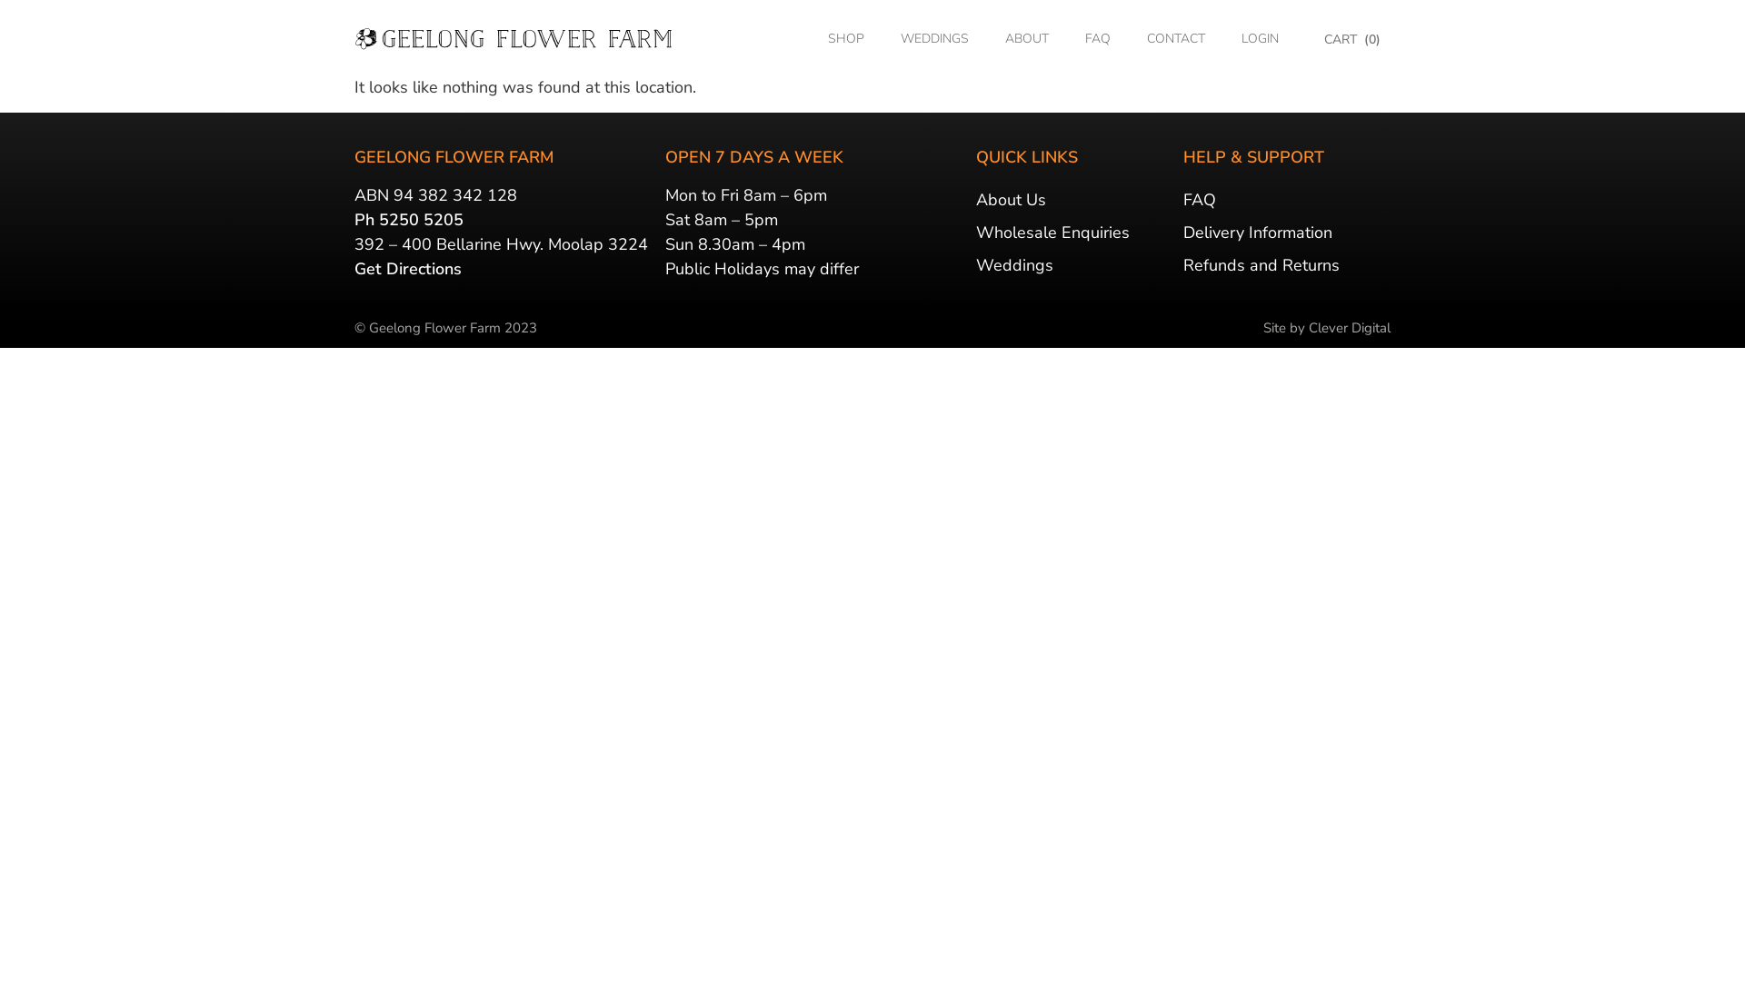 The image size is (1745, 981). I want to click on 'CONTACT', so click(1128, 38).